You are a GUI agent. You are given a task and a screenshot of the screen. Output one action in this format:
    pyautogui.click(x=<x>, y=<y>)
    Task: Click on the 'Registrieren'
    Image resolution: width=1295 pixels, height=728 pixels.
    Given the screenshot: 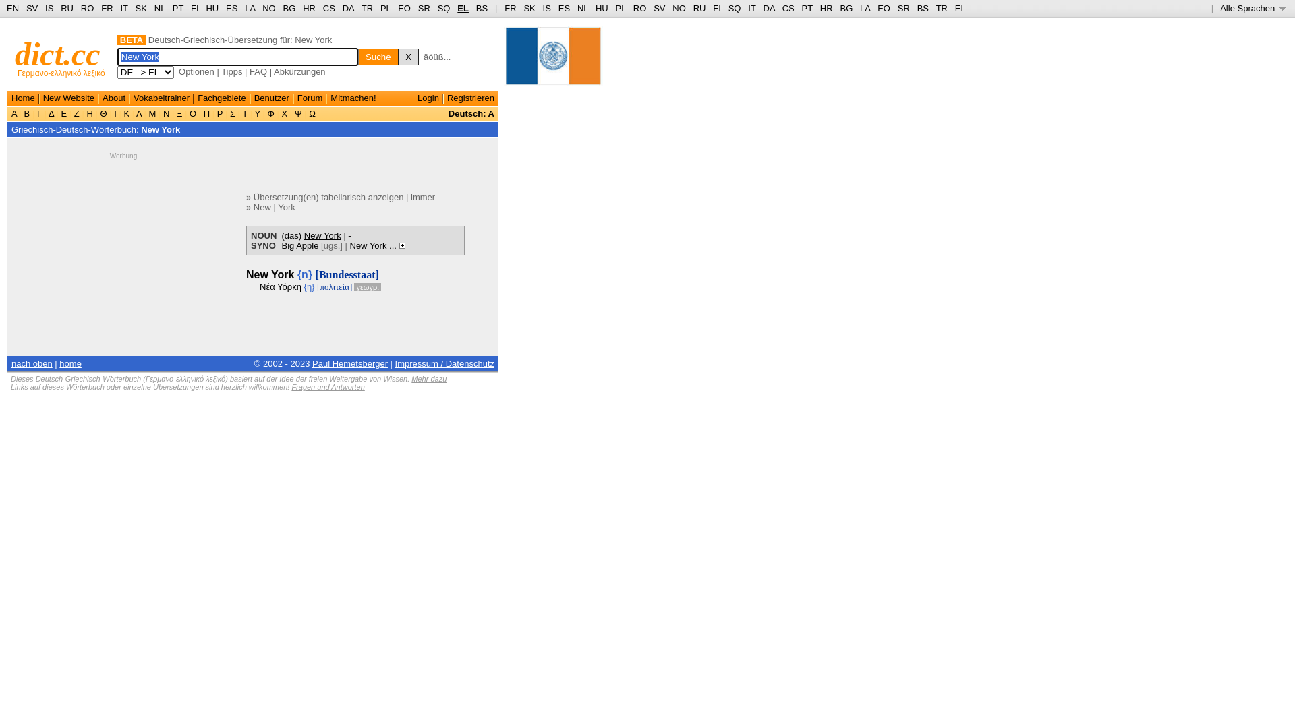 What is the action you would take?
    pyautogui.click(x=447, y=97)
    